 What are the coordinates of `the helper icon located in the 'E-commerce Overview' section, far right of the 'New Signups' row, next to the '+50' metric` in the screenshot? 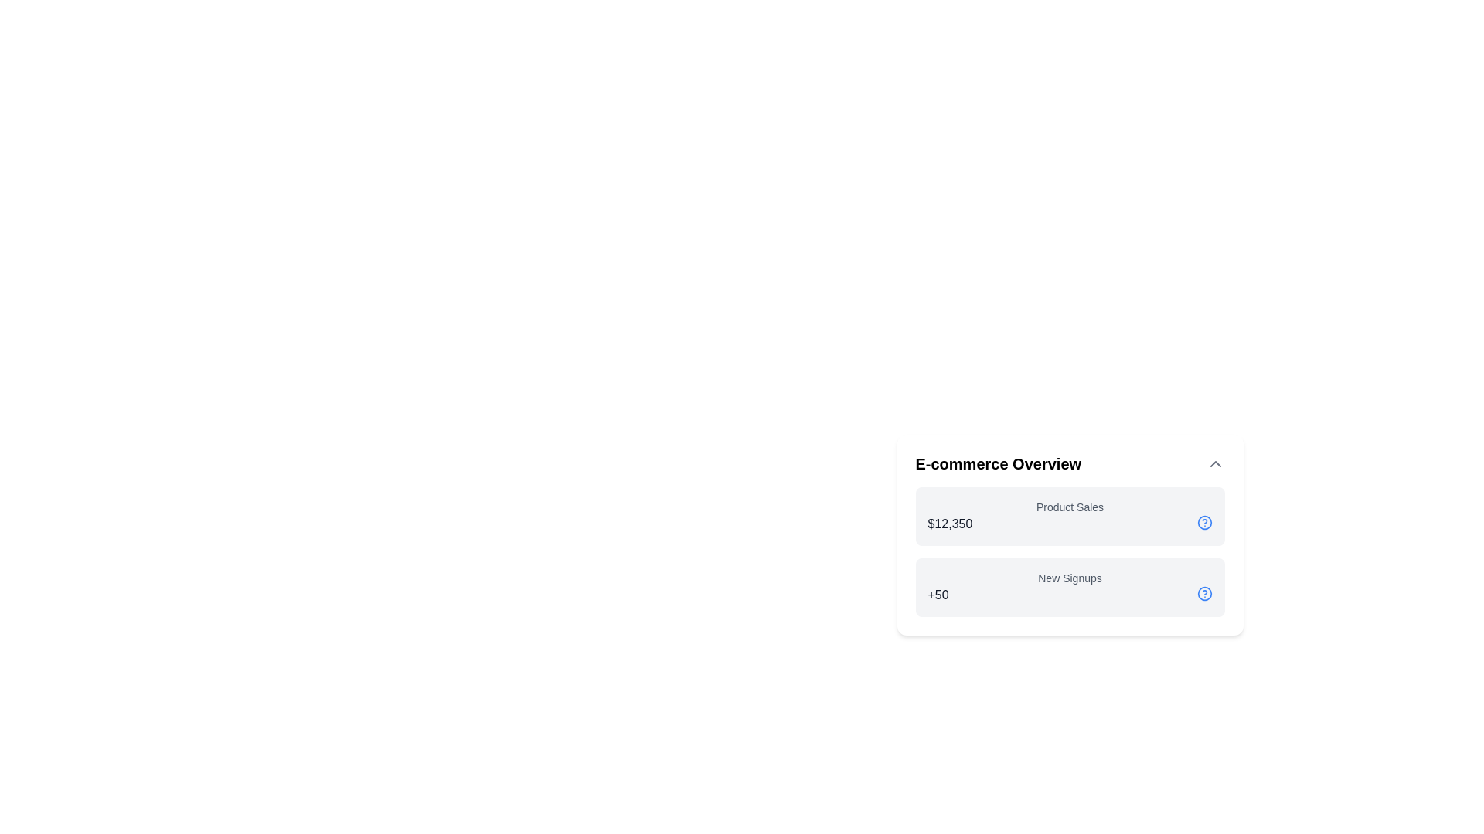 It's located at (1203, 592).